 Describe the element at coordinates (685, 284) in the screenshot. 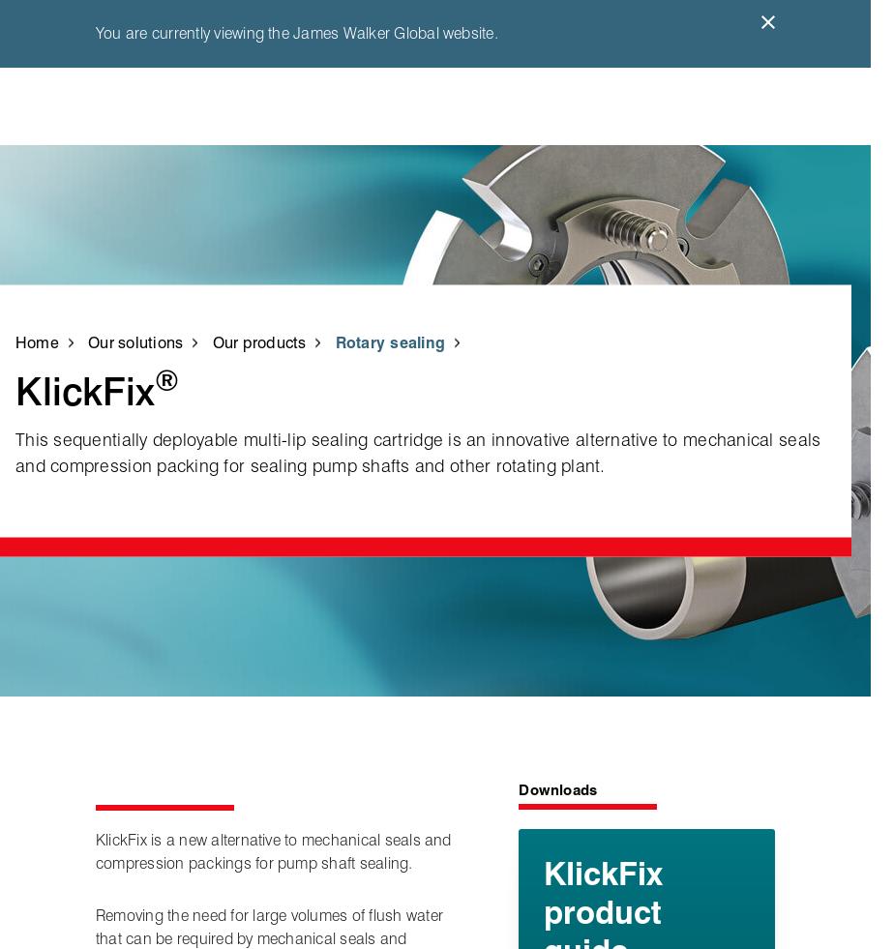

I see `'In this playlist'` at that location.